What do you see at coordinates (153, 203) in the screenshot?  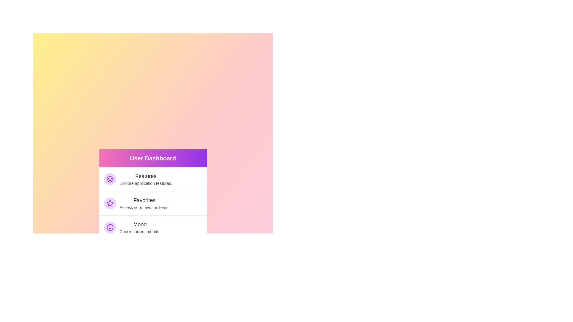 I see `the menu item labeled Favorites to navigate to its associated feature` at bounding box center [153, 203].